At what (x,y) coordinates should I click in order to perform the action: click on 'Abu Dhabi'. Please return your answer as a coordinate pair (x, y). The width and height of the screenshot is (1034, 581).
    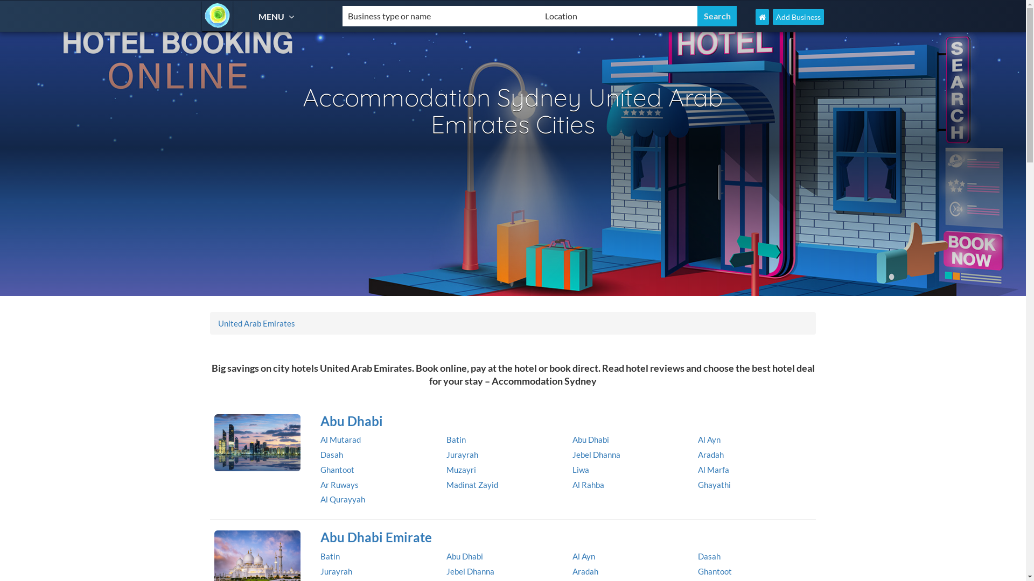
    Looking at the image, I should click on (589, 440).